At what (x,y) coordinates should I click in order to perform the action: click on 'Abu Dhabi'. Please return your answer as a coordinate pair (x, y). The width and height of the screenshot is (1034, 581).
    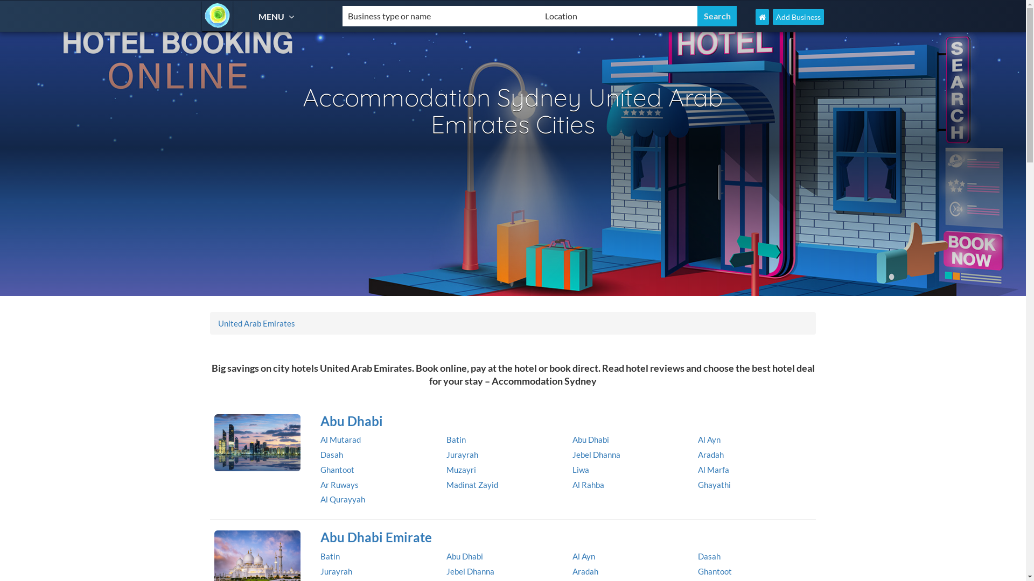
    Looking at the image, I should click on (589, 440).